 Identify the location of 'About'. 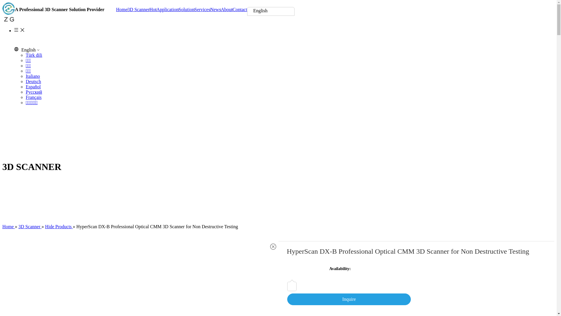
(226, 10).